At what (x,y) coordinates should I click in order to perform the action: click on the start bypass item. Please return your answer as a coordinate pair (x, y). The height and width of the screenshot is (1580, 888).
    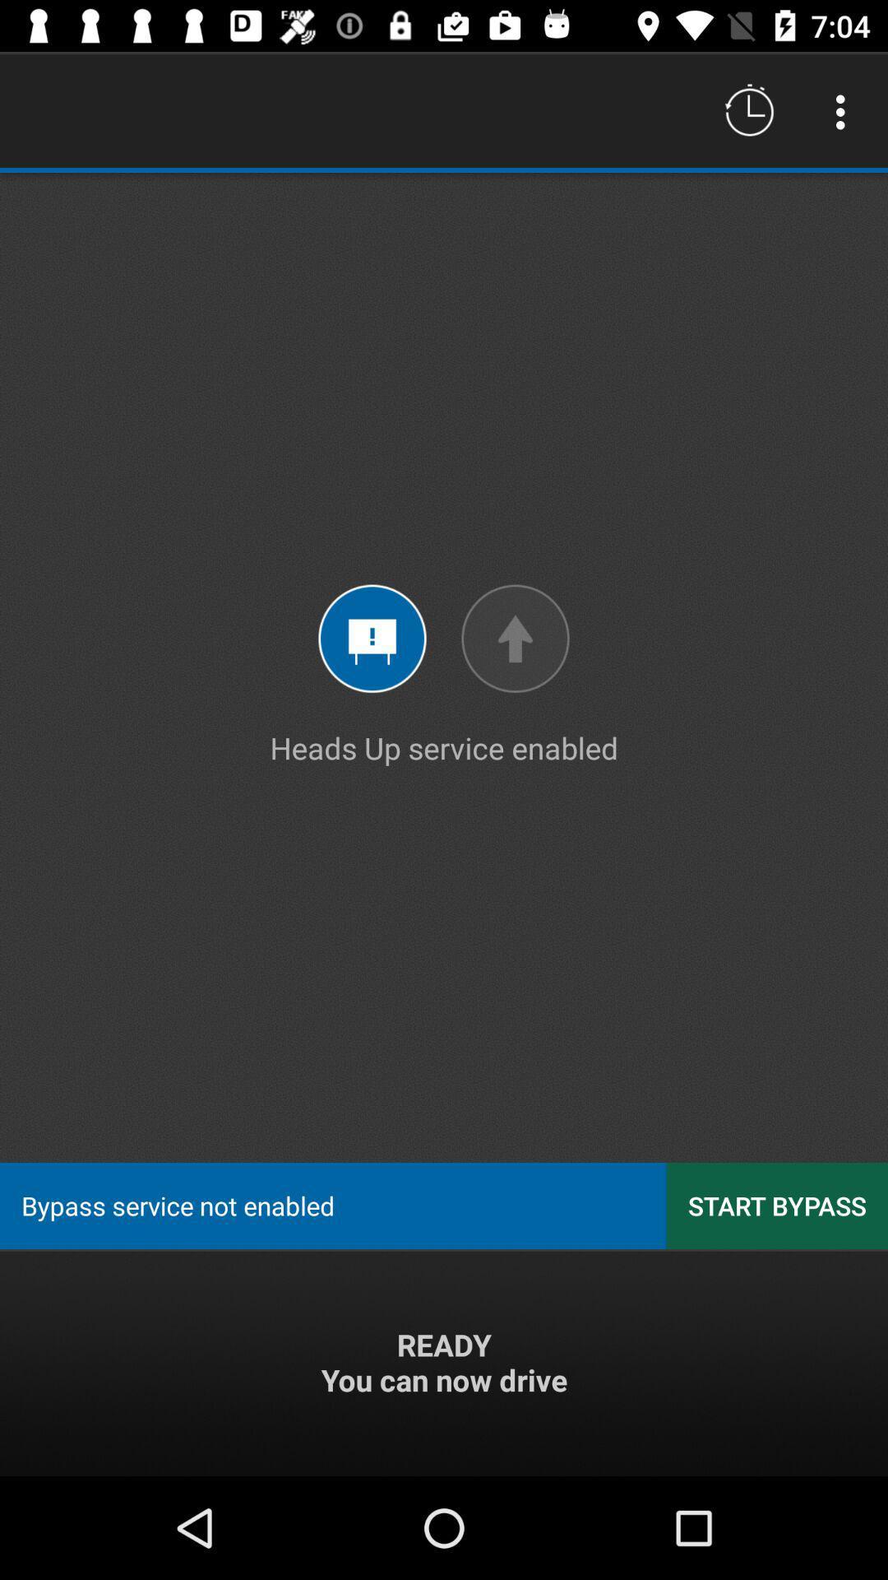
    Looking at the image, I should click on (777, 1206).